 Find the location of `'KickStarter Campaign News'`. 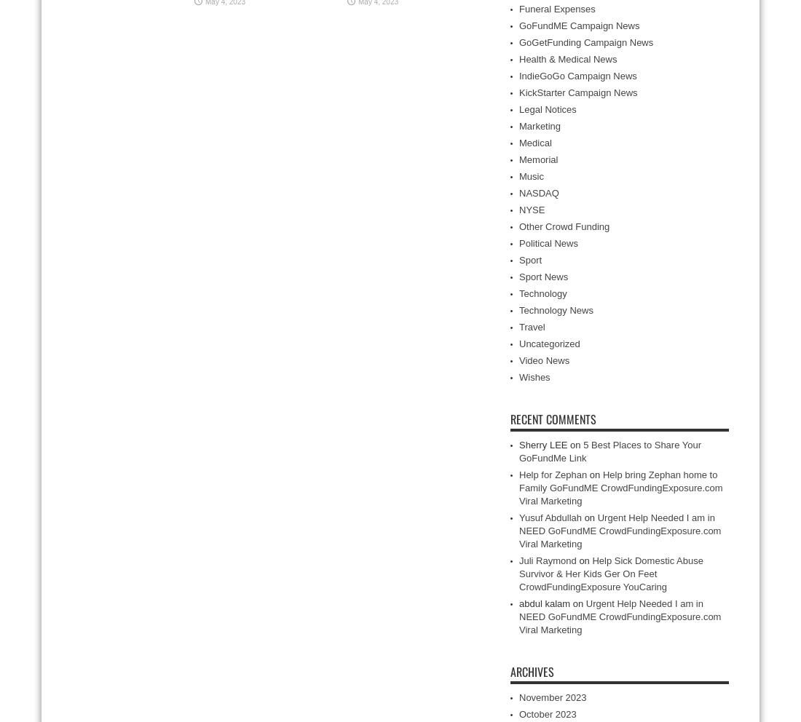

'KickStarter Campaign News' is located at coordinates (577, 92).